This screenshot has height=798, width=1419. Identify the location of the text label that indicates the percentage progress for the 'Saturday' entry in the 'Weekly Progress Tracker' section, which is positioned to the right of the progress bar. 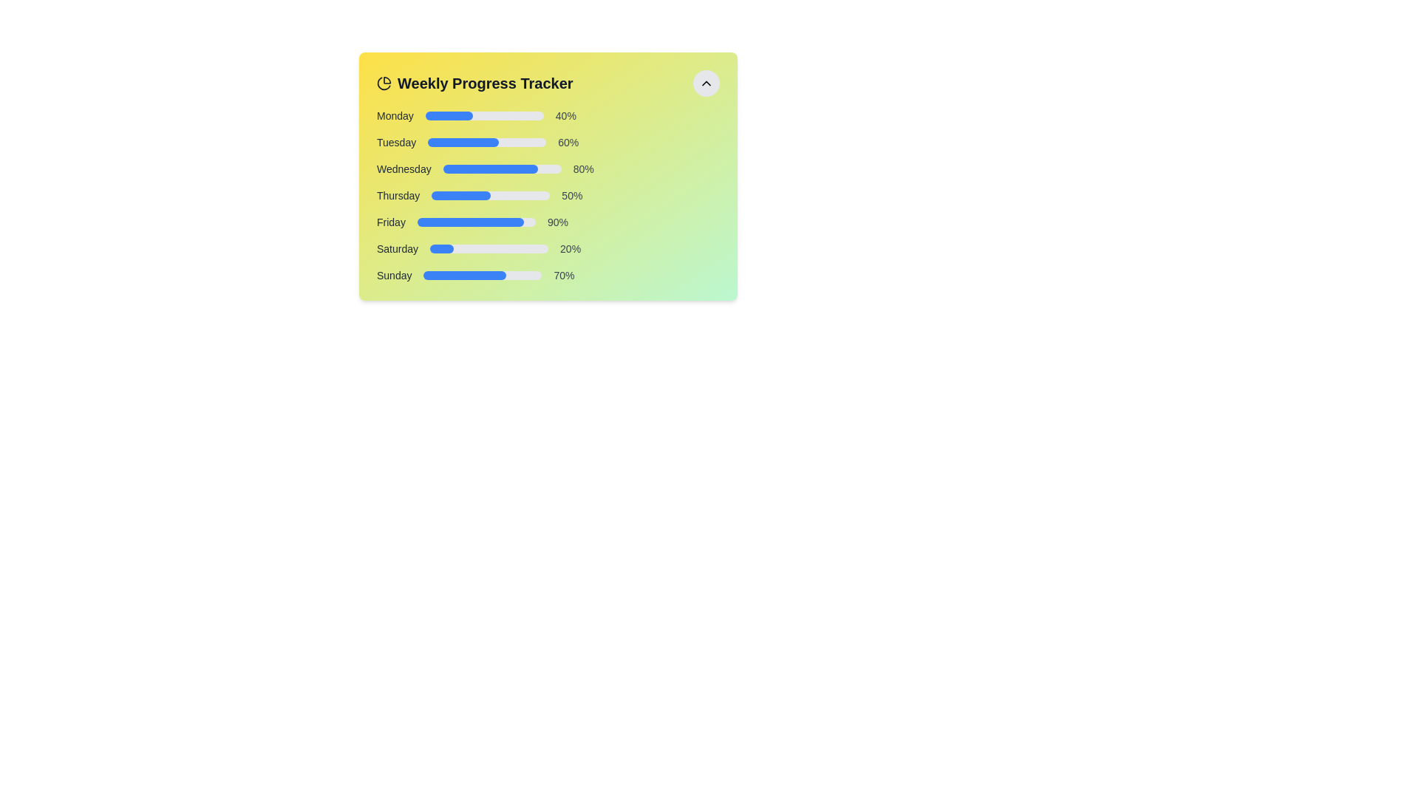
(570, 248).